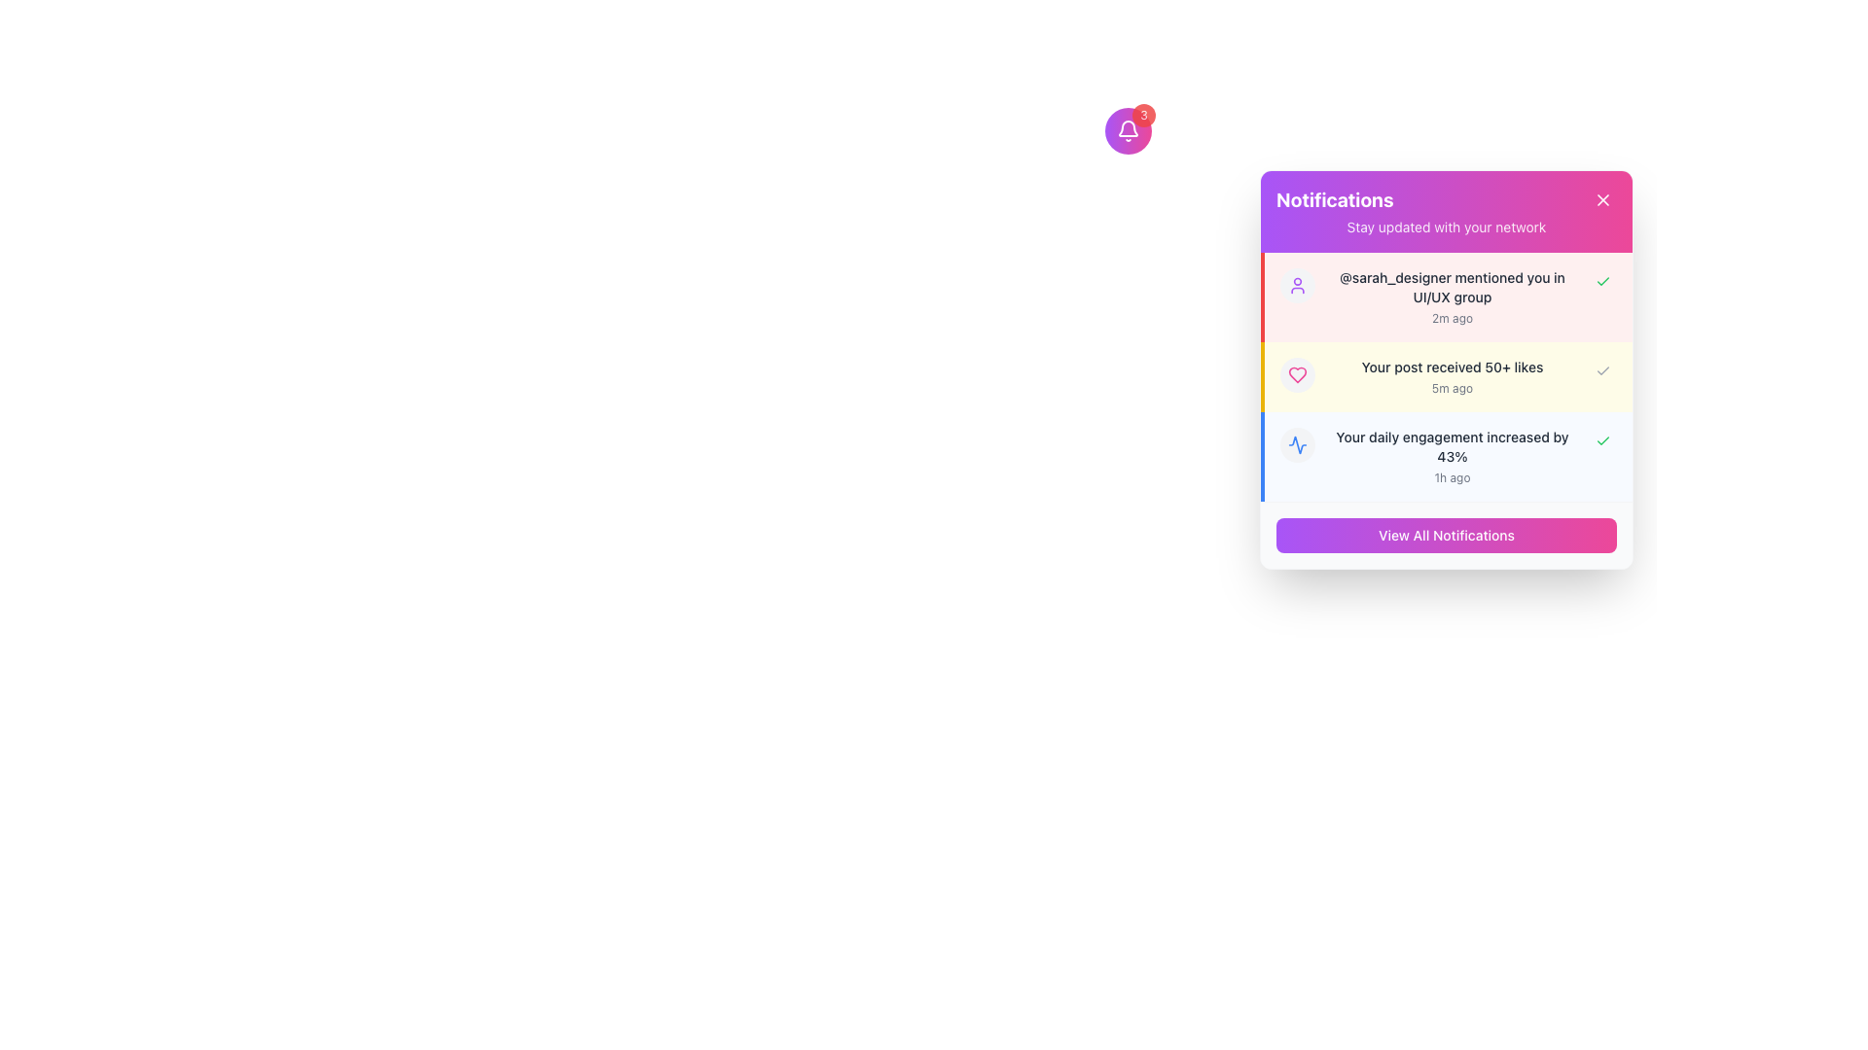 The width and height of the screenshot is (1868, 1050). What do you see at coordinates (1602, 441) in the screenshot?
I see `the small green checkmark icon styled as a 'Mark as read' button located to the far right of the notification row stating 'Your daily engagement increased by 43%' in the notification panel` at bounding box center [1602, 441].